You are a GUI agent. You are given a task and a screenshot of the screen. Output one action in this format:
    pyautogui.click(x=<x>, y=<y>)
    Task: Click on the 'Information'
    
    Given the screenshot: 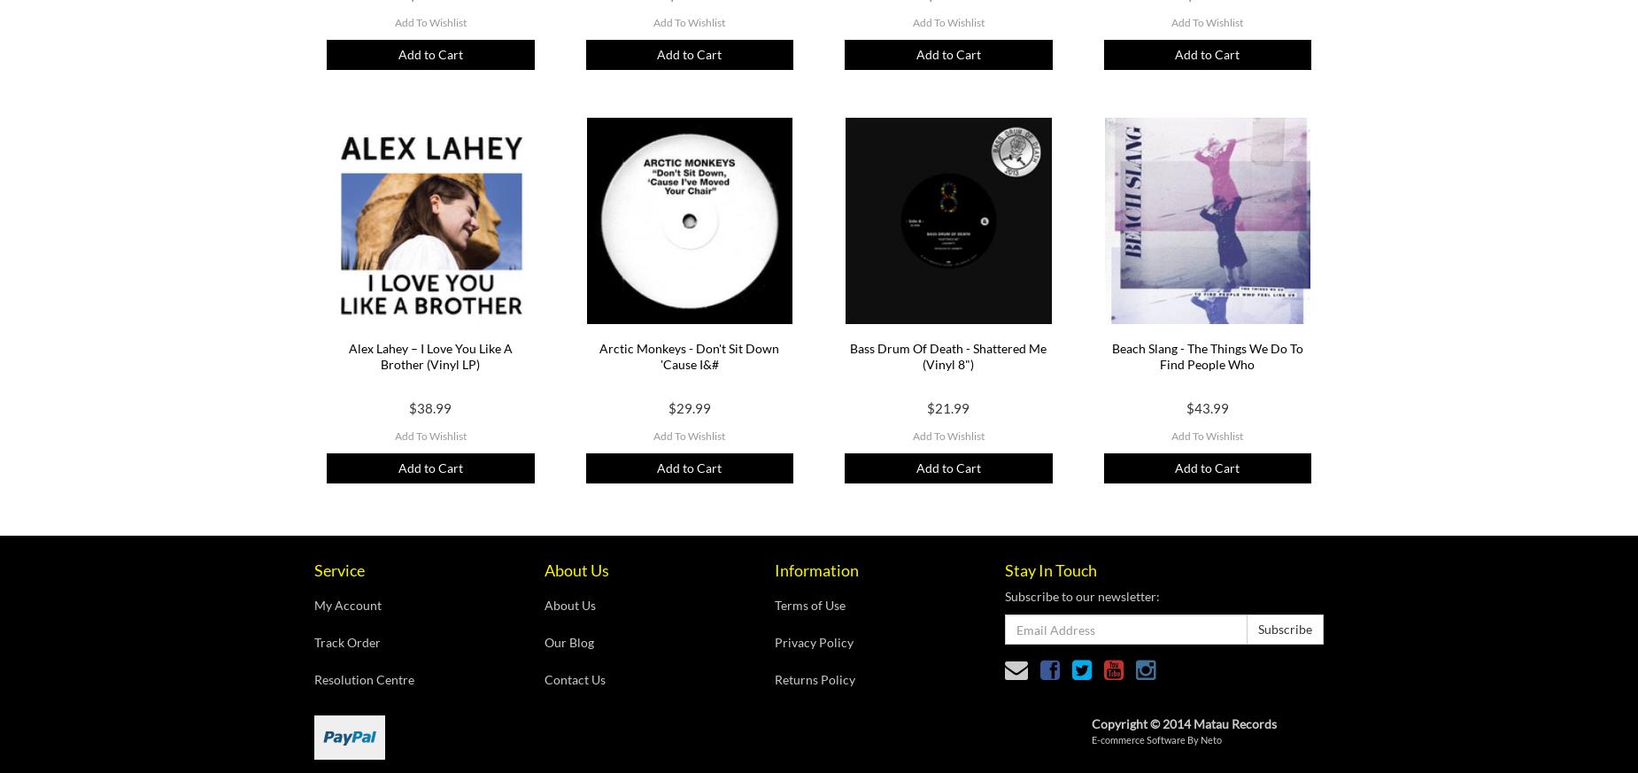 What is the action you would take?
    pyautogui.click(x=815, y=568)
    